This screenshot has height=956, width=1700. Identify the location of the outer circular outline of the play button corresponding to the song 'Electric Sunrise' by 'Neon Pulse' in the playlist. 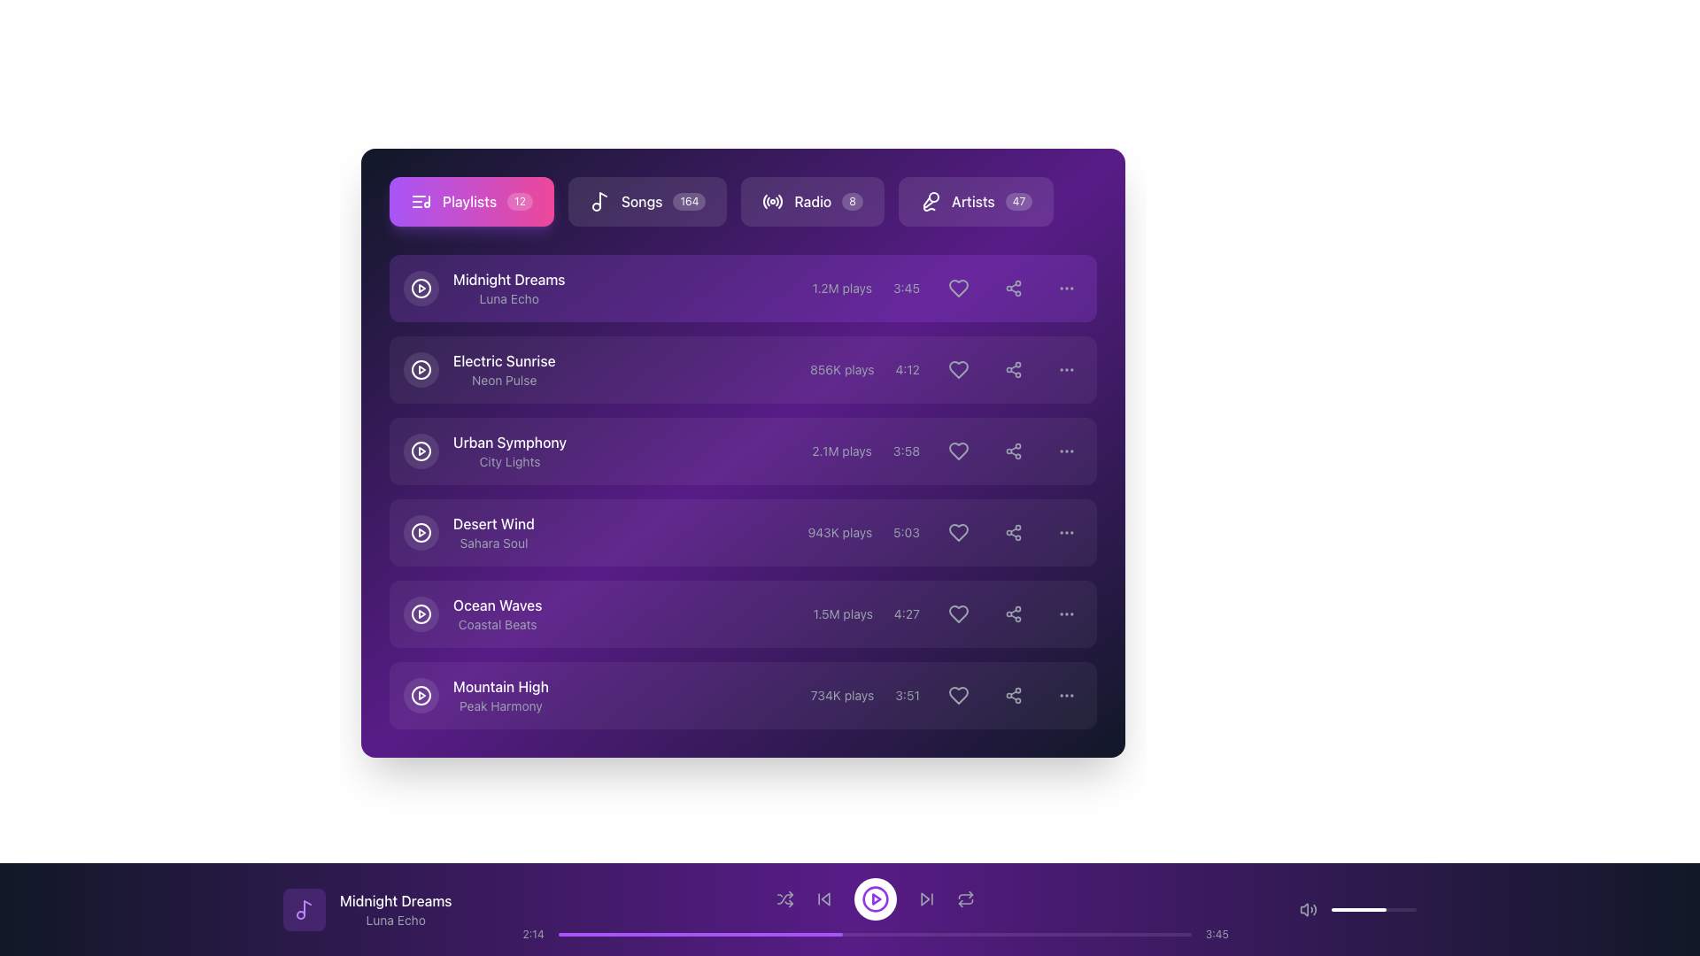
(420, 368).